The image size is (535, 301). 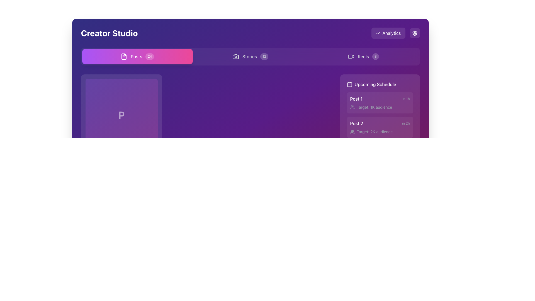 What do you see at coordinates (150, 57) in the screenshot?
I see `the Notification badge, which is a small rectangular badge displaying the number '24', located to the right of the 'Posts' label in the navigation bar at the top of the interface` at bounding box center [150, 57].